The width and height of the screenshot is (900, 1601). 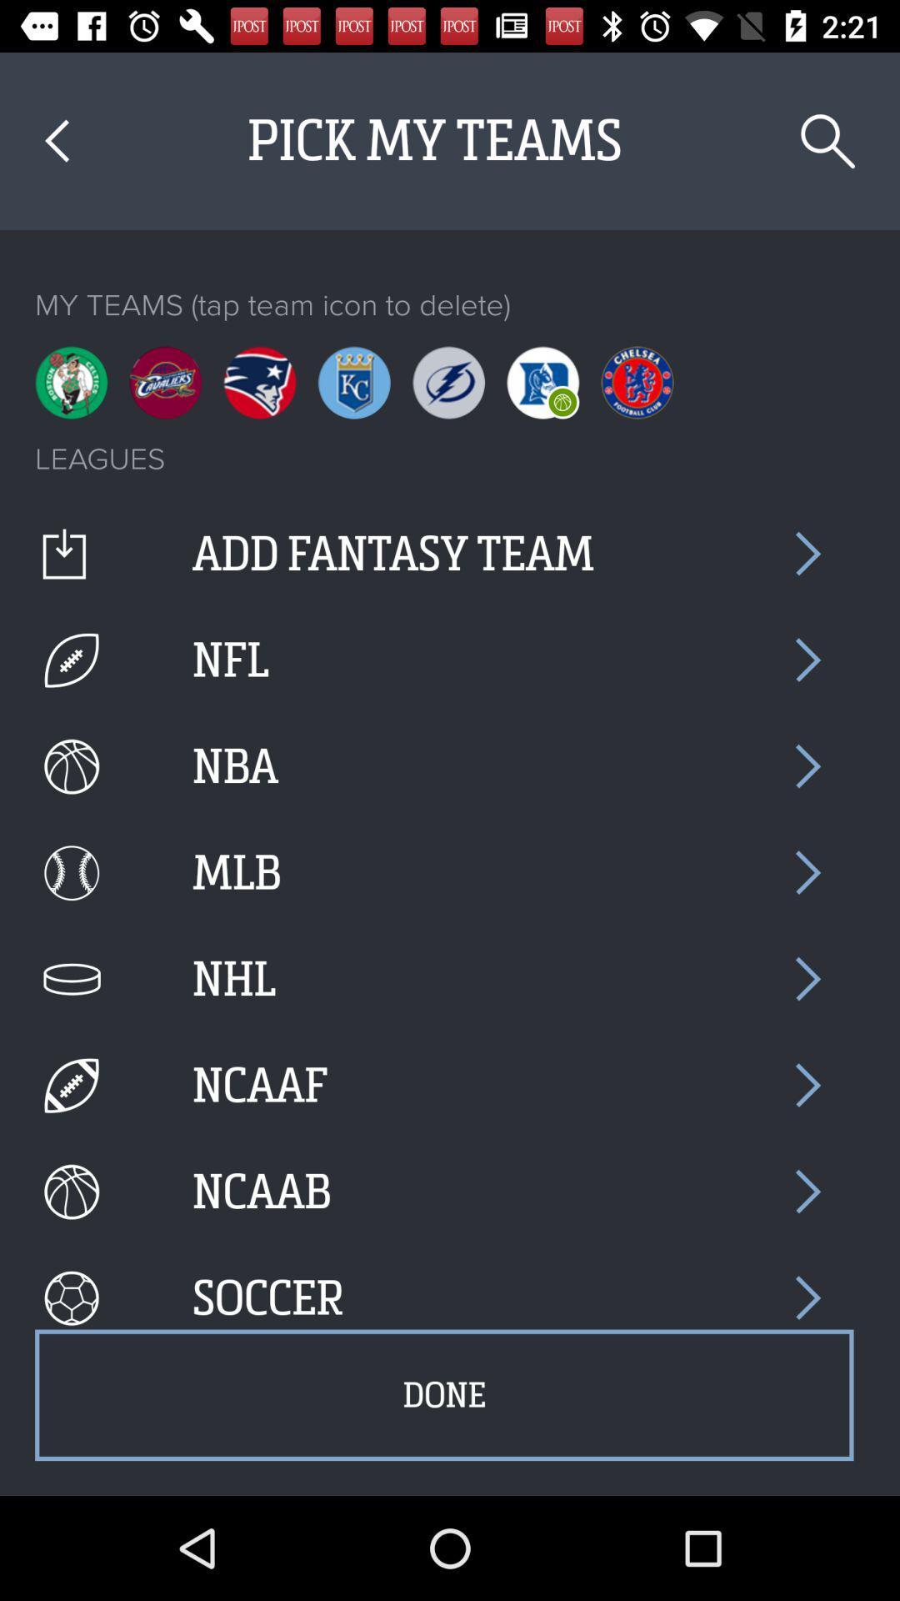 I want to click on icon above my teams tap item, so click(x=827, y=141).